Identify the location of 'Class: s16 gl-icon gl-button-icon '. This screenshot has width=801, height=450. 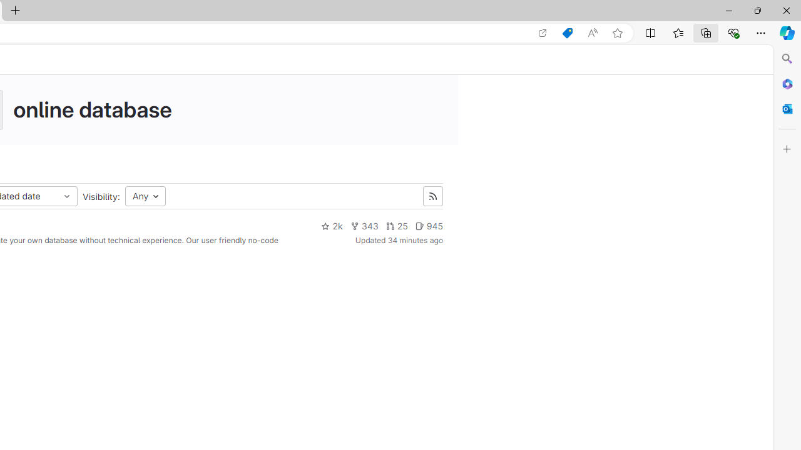
(432, 196).